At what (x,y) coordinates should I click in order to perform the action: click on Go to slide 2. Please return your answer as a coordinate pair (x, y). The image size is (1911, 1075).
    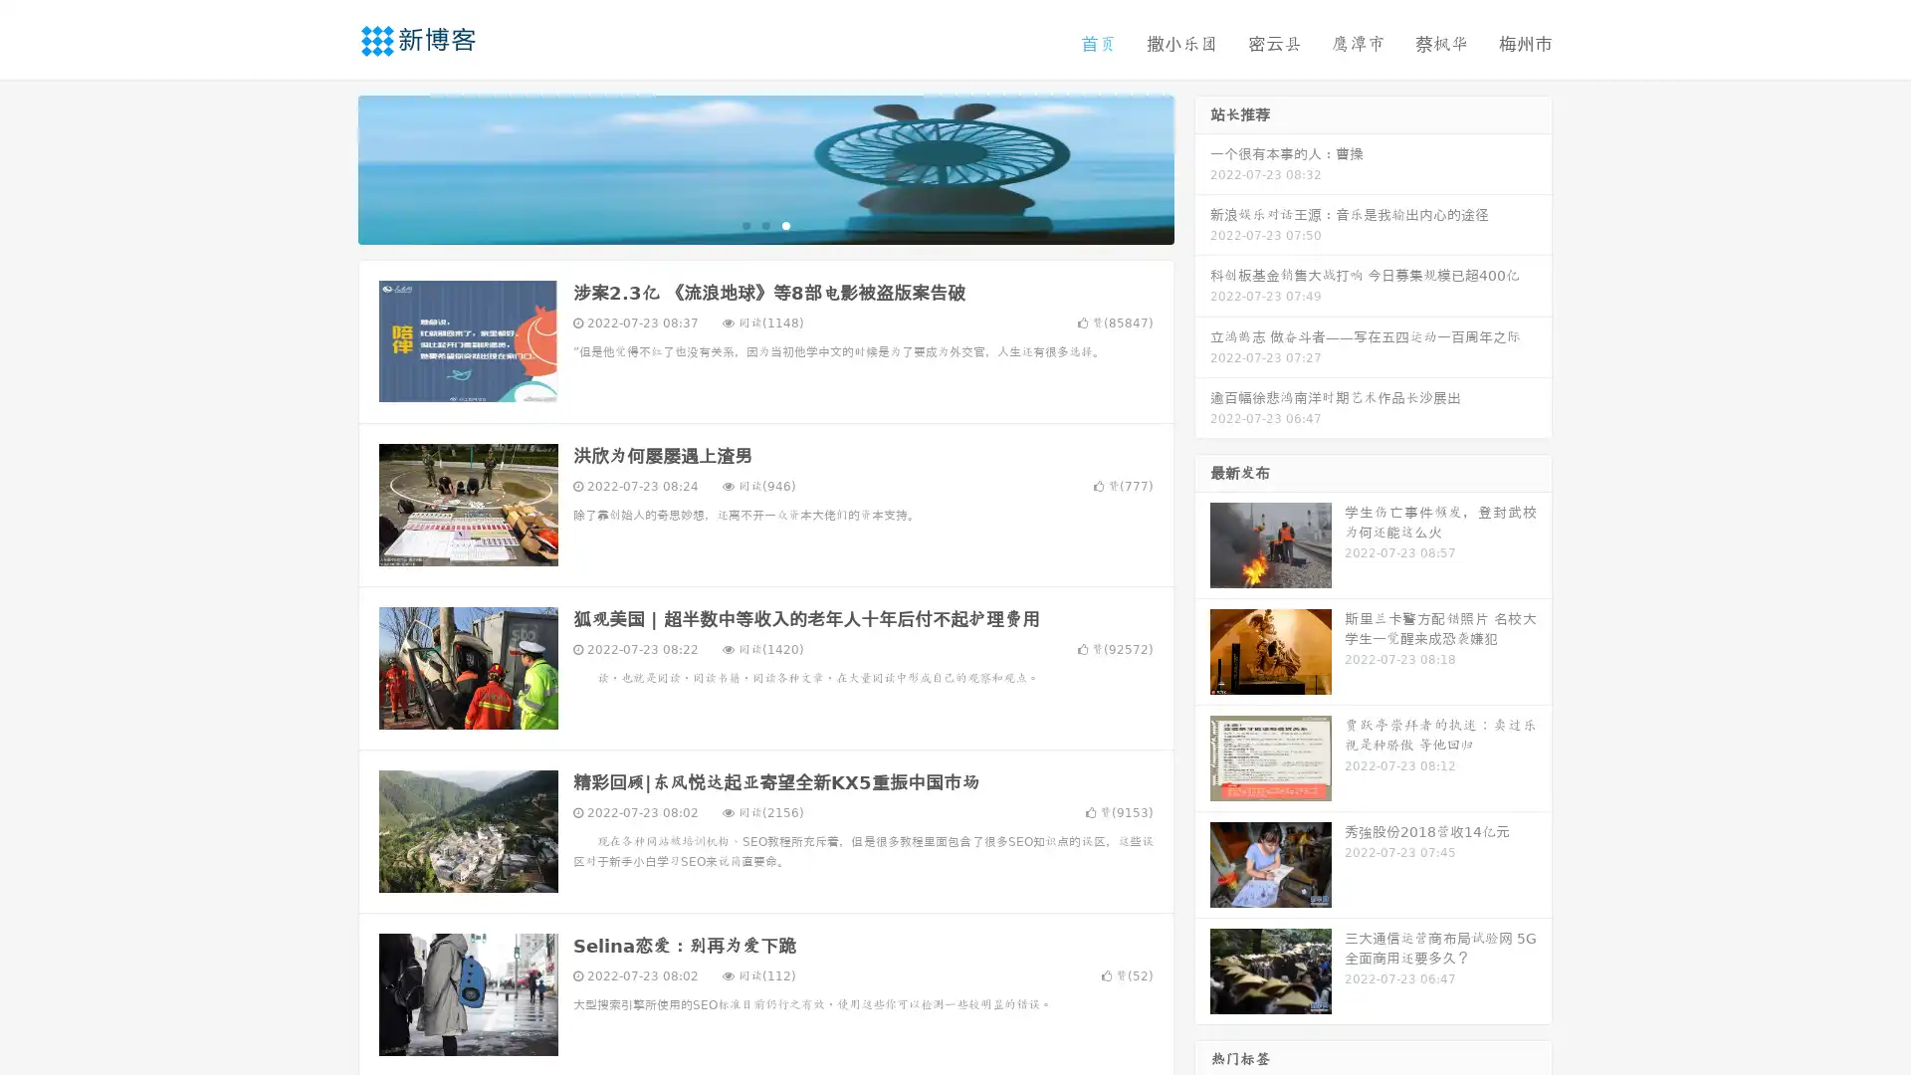
    Looking at the image, I should click on (764, 224).